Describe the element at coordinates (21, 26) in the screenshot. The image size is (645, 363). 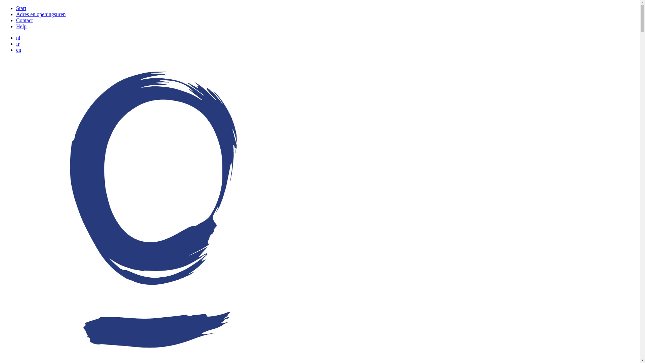
I see `'Help'` at that location.